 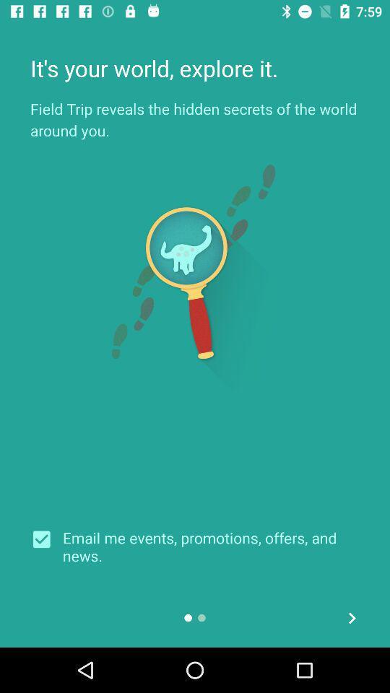 I want to click on next page, so click(x=351, y=617).